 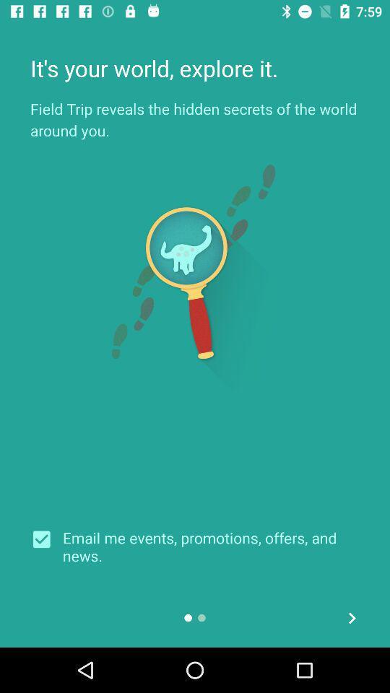 I want to click on next page, so click(x=351, y=617).